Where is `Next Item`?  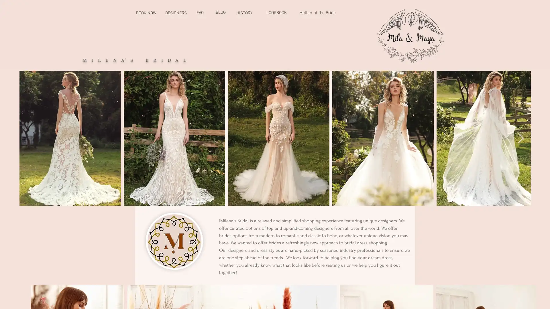 Next Item is located at coordinates (521, 138).